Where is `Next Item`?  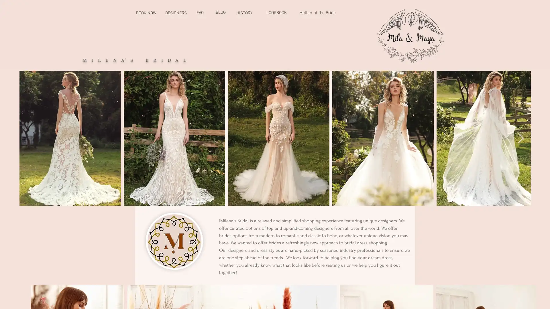 Next Item is located at coordinates (521, 138).